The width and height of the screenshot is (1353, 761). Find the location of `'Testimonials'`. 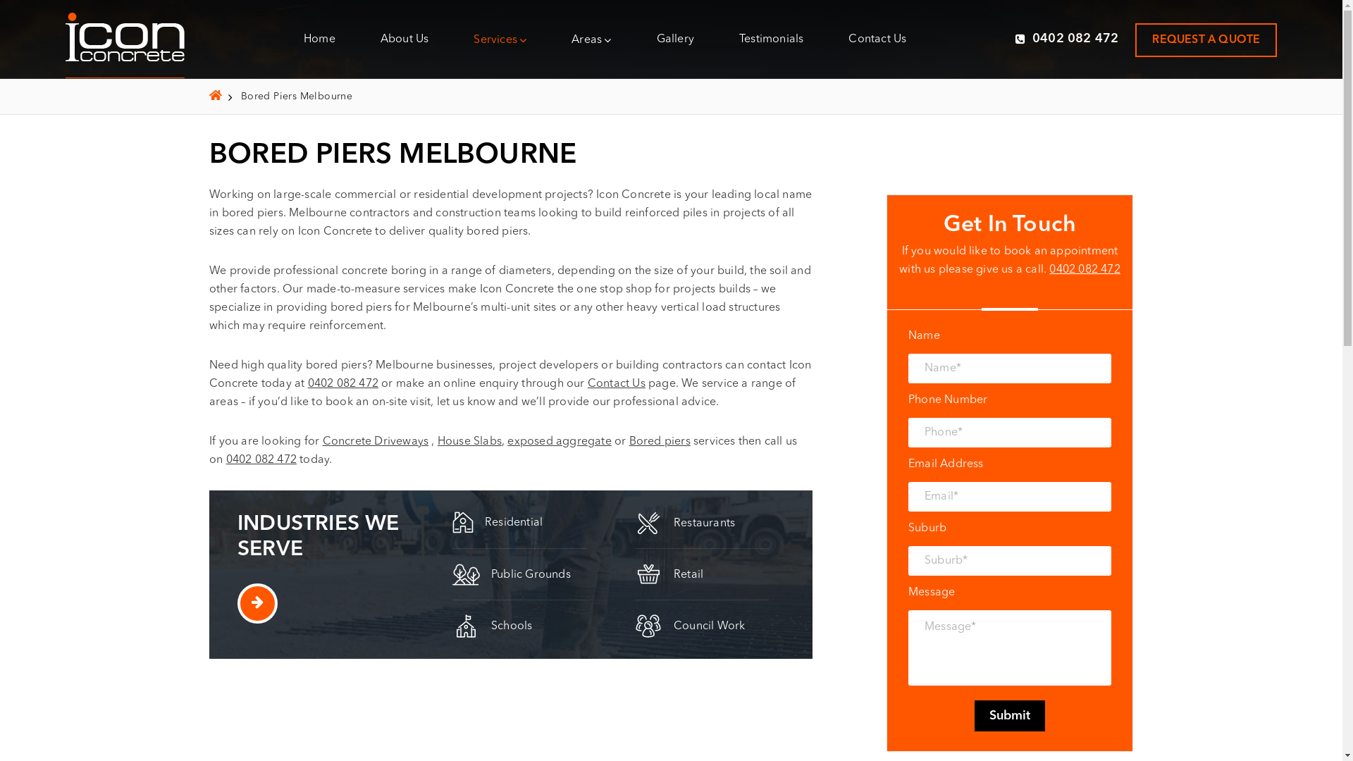

'Testimonials' is located at coordinates (770, 37).